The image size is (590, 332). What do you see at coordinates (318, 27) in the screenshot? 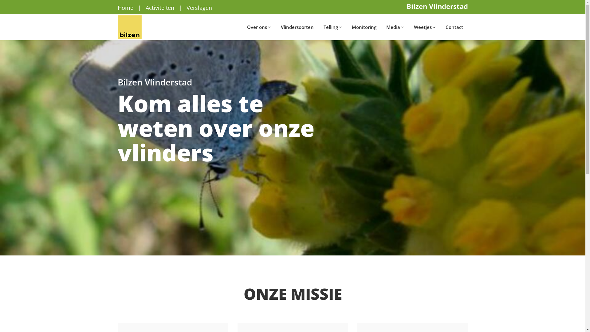
I see `'Telling'` at bounding box center [318, 27].